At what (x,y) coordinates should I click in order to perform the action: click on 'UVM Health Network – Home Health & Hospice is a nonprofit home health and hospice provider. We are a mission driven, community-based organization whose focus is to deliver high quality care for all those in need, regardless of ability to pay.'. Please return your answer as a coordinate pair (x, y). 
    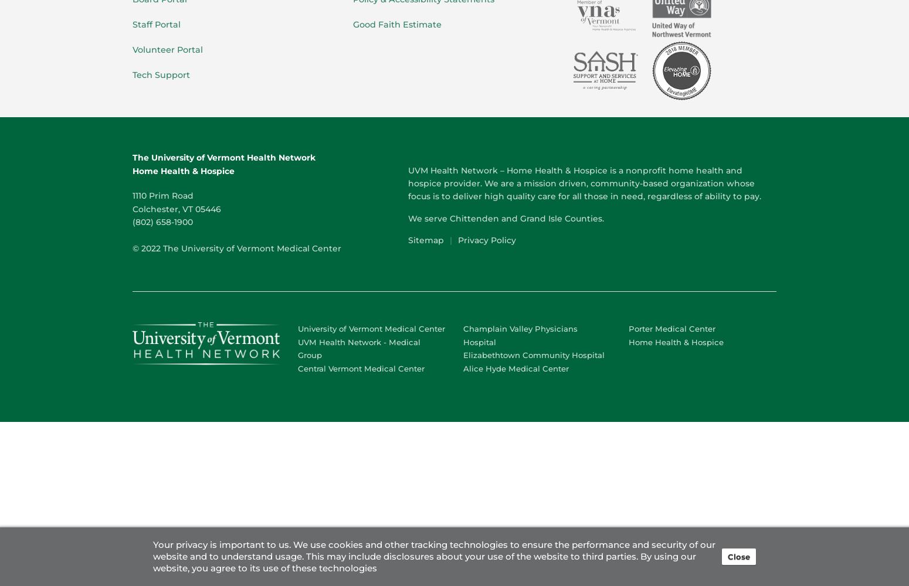
    Looking at the image, I should click on (407, 183).